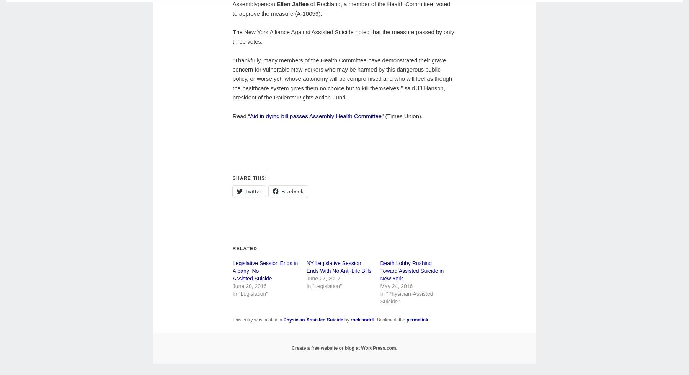 The width and height of the screenshot is (689, 375). What do you see at coordinates (417, 320) in the screenshot?
I see `'permalink'` at bounding box center [417, 320].